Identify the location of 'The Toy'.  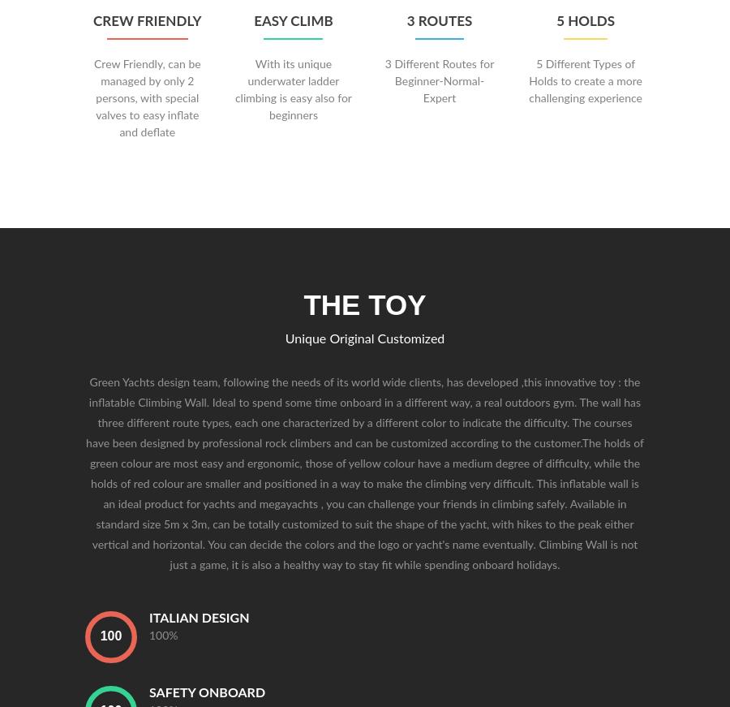
(364, 303).